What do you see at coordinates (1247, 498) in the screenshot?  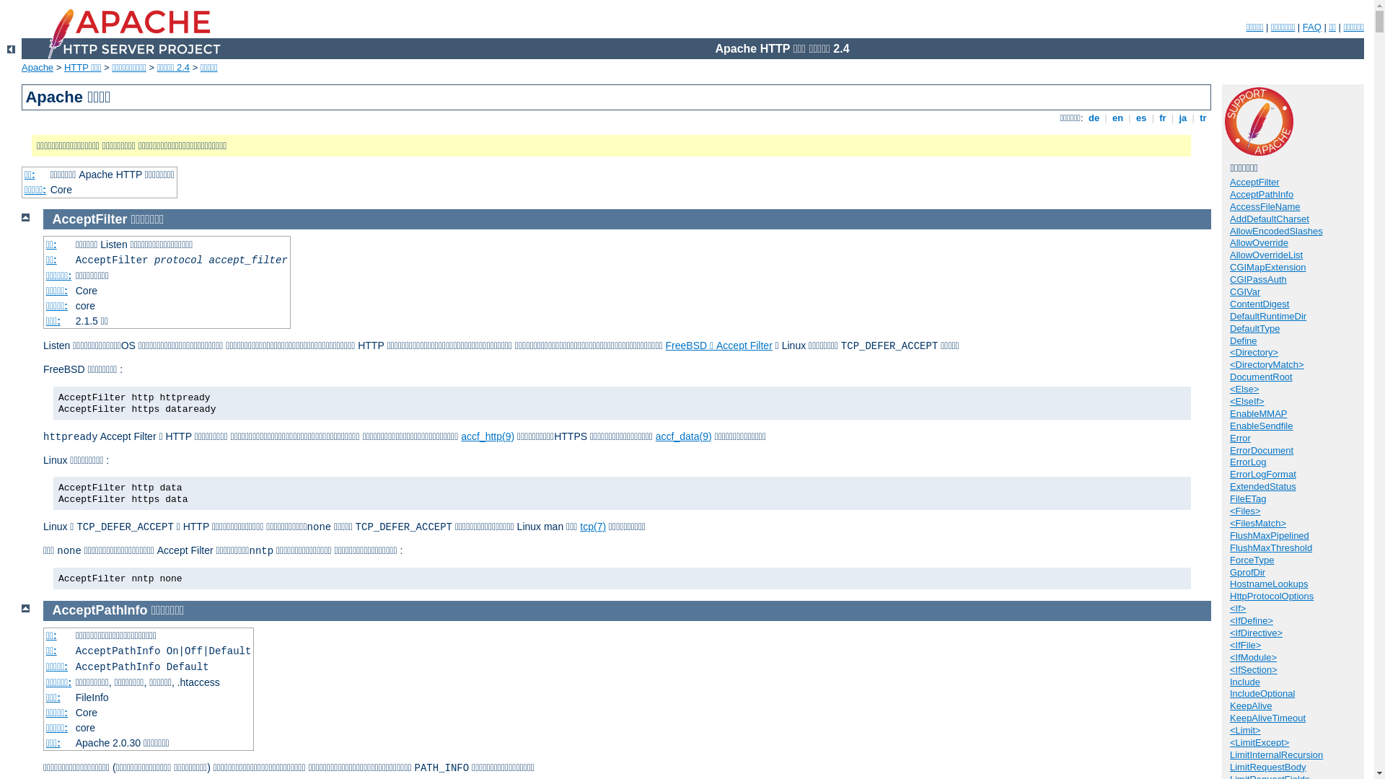 I see `'FileETag'` at bounding box center [1247, 498].